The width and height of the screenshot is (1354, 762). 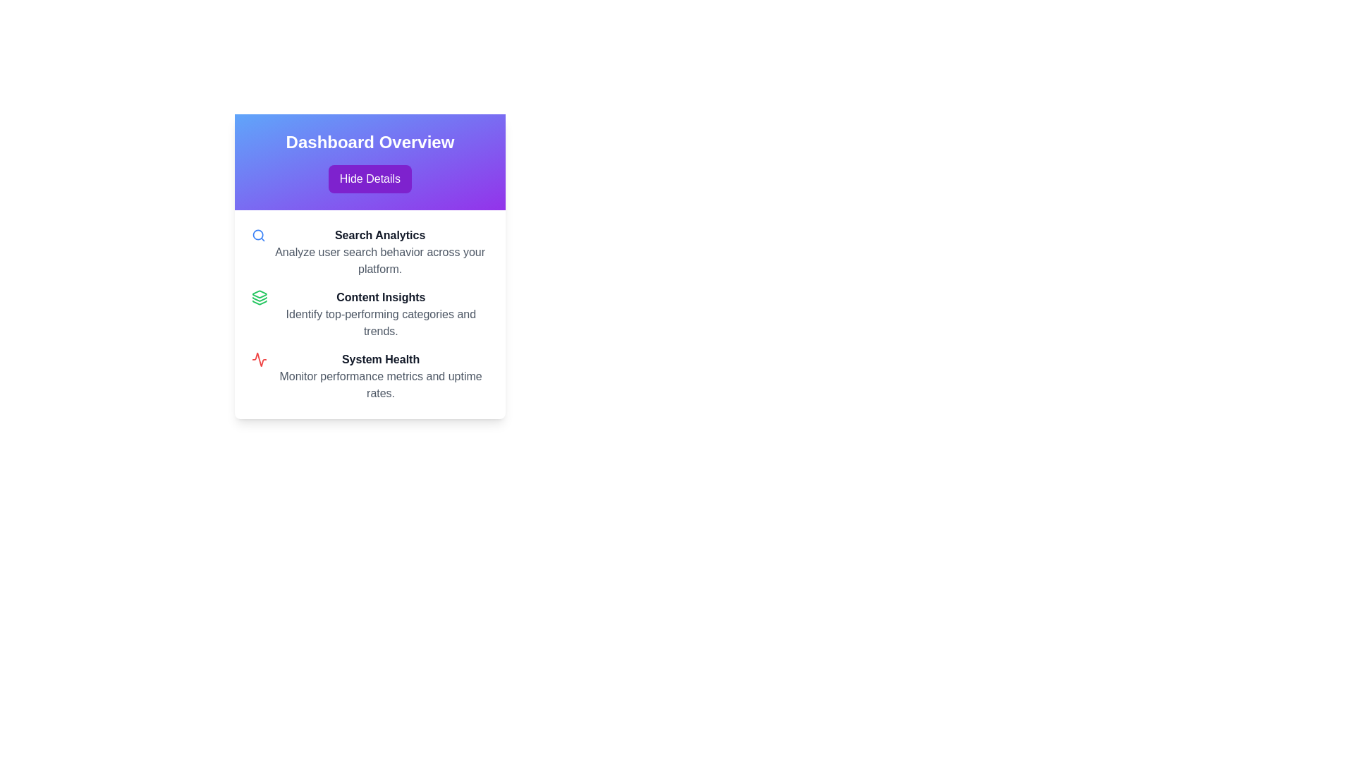 What do you see at coordinates (370, 179) in the screenshot?
I see `the purple 'Hide Details' button with rounded corners, located below the 'Dashboard Overview' heading, to hide details` at bounding box center [370, 179].